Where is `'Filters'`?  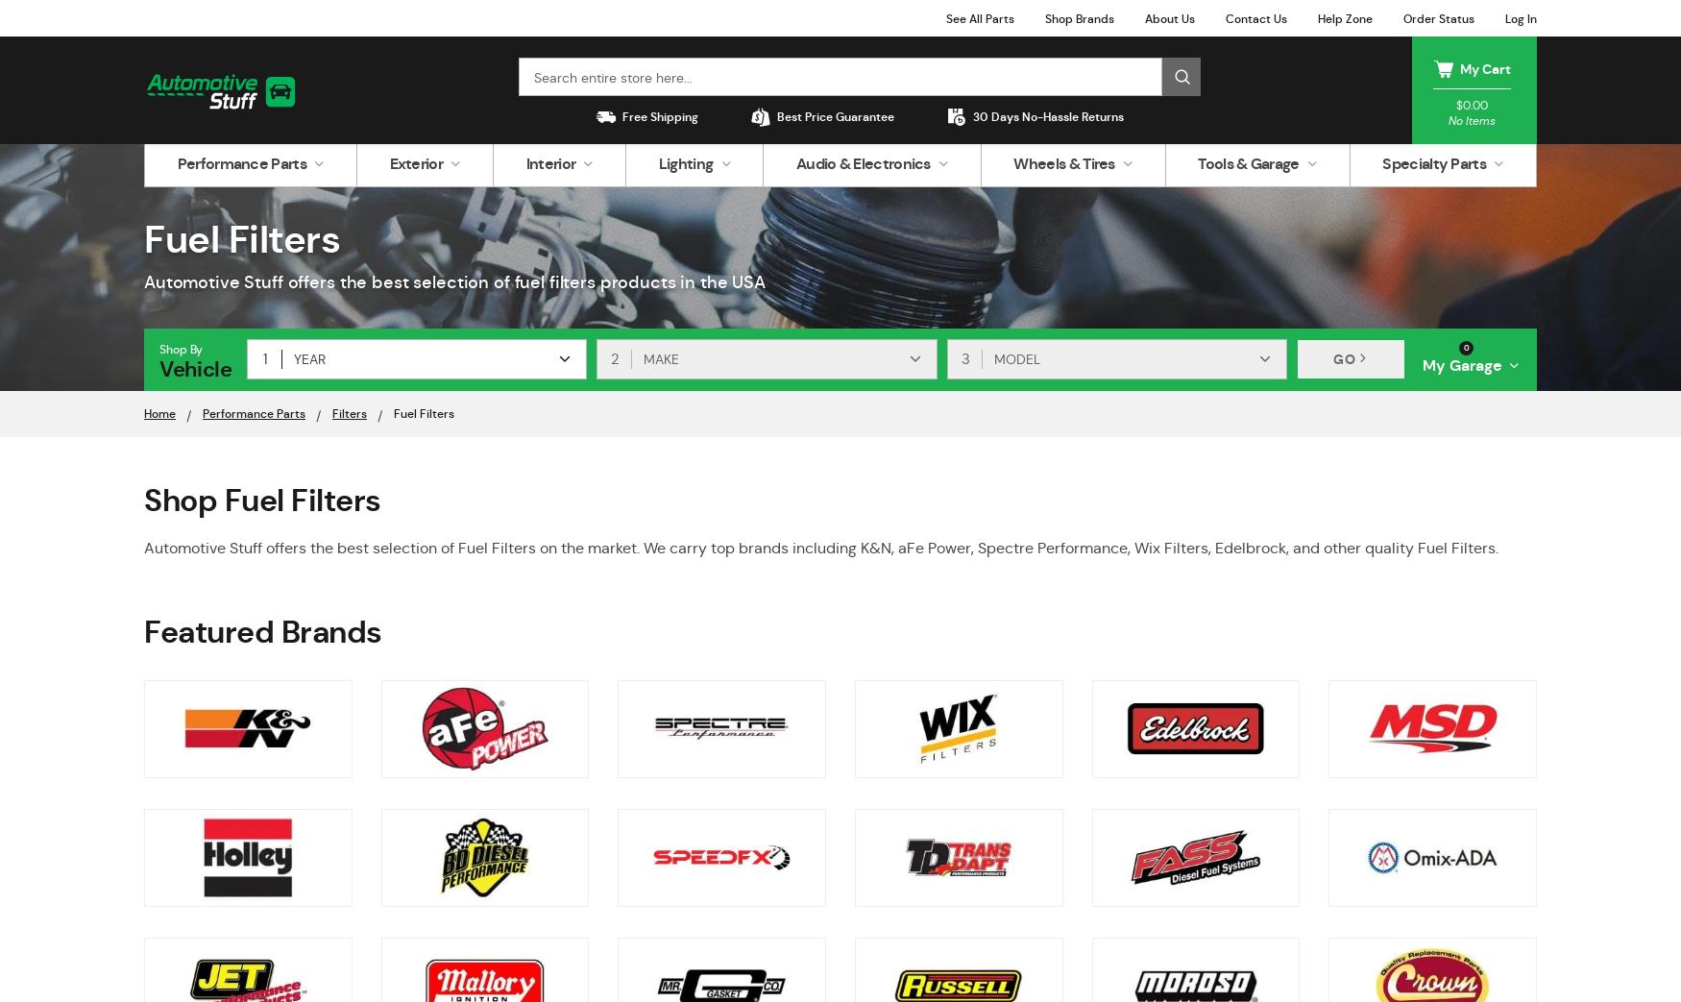 'Filters' is located at coordinates (350, 413).